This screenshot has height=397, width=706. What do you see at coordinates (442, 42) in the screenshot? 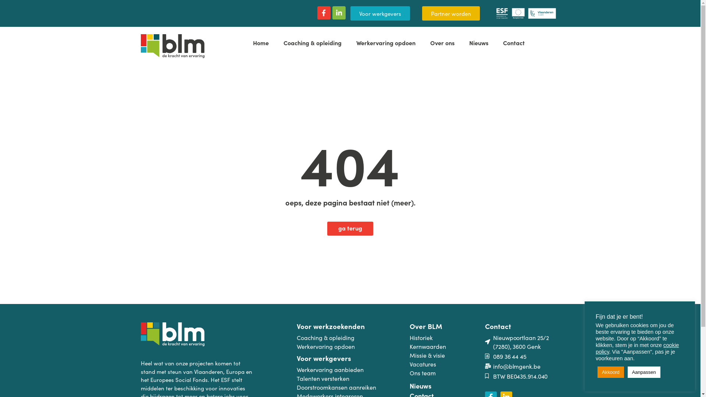
I see `'Over ons'` at bounding box center [442, 42].